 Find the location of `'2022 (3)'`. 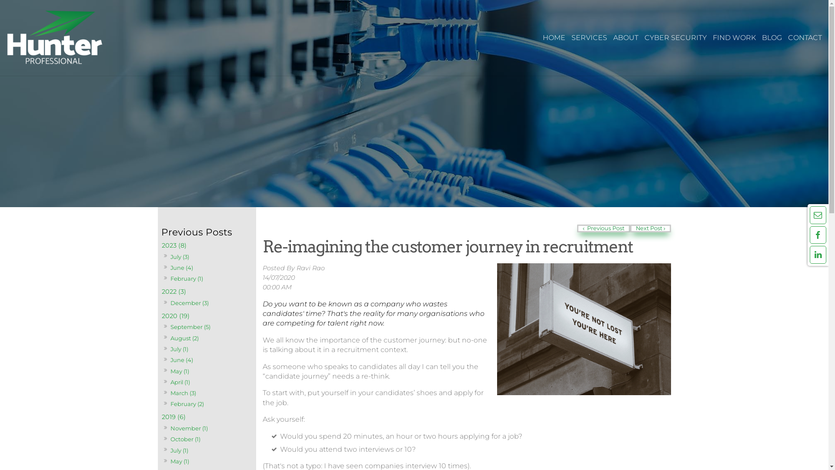

'2022 (3)' is located at coordinates (206, 292).